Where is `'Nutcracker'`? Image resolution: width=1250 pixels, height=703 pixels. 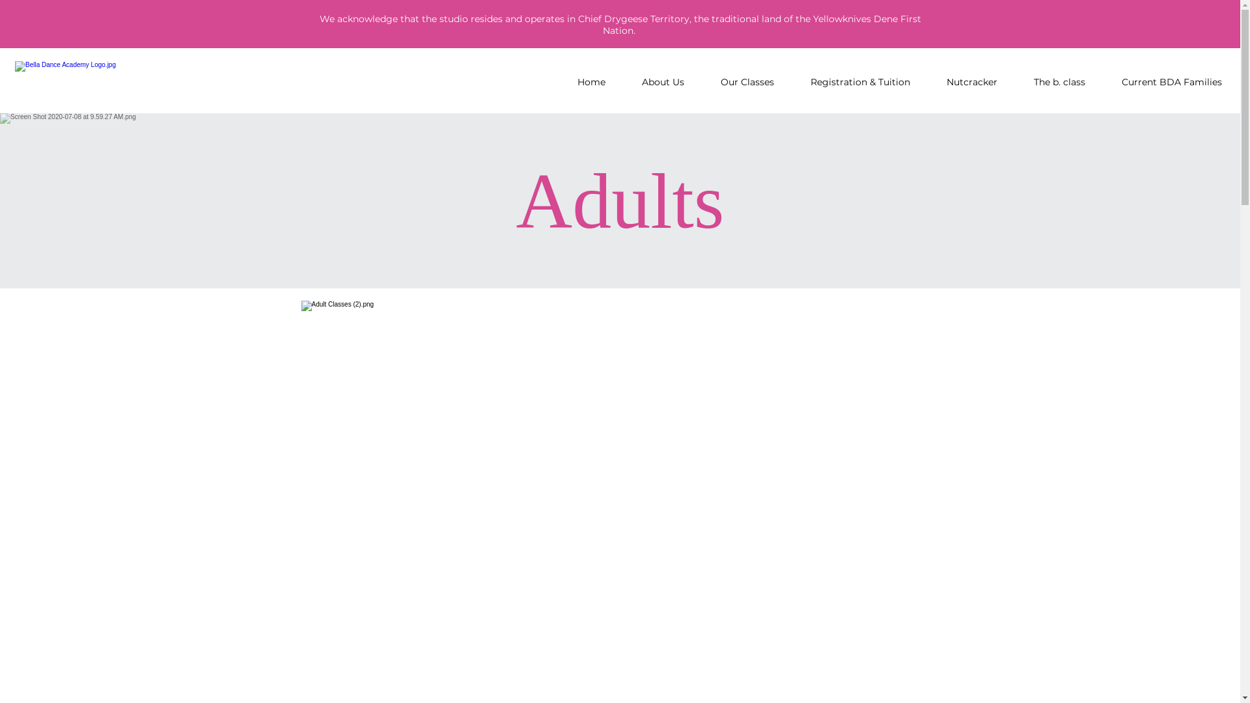 'Nutcracker' is located at coordinates (971, 82).